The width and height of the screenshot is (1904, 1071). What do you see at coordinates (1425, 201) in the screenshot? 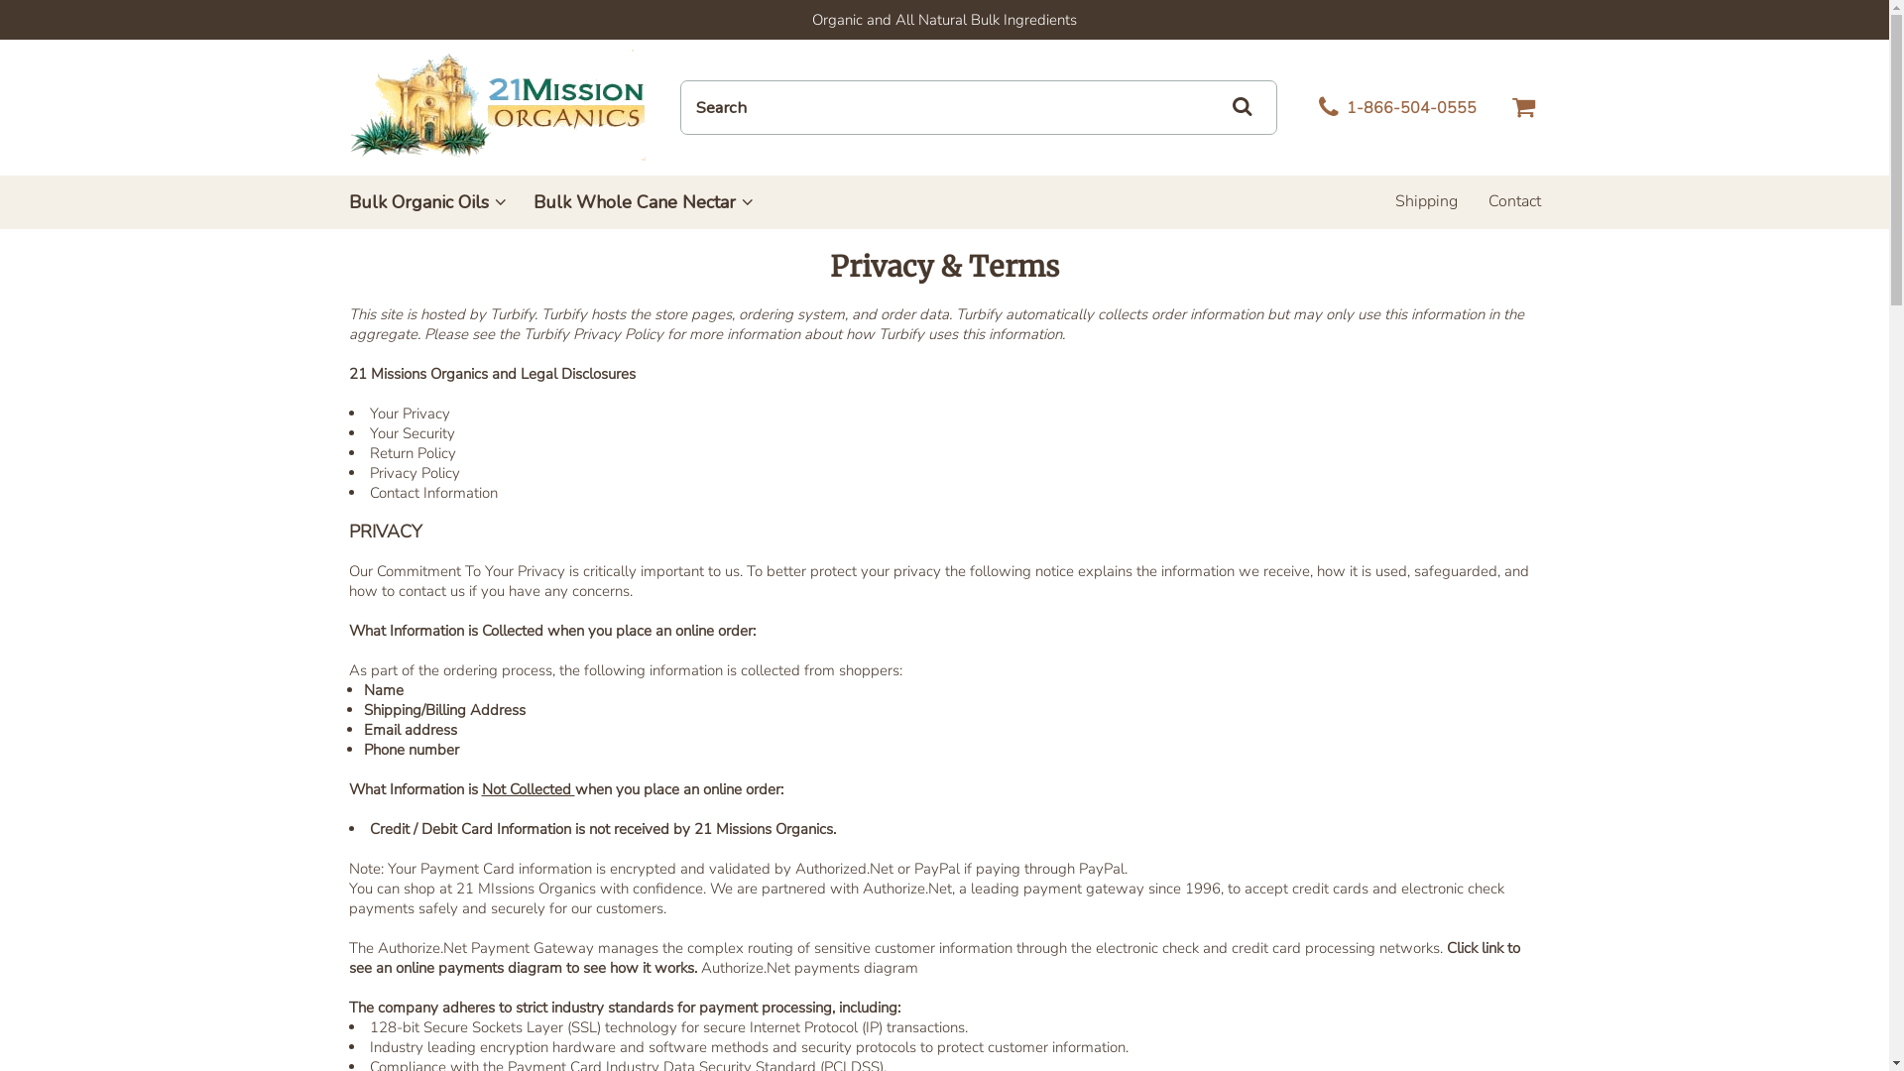
I see `'Shipping'` at bounding box center [1425, 201].